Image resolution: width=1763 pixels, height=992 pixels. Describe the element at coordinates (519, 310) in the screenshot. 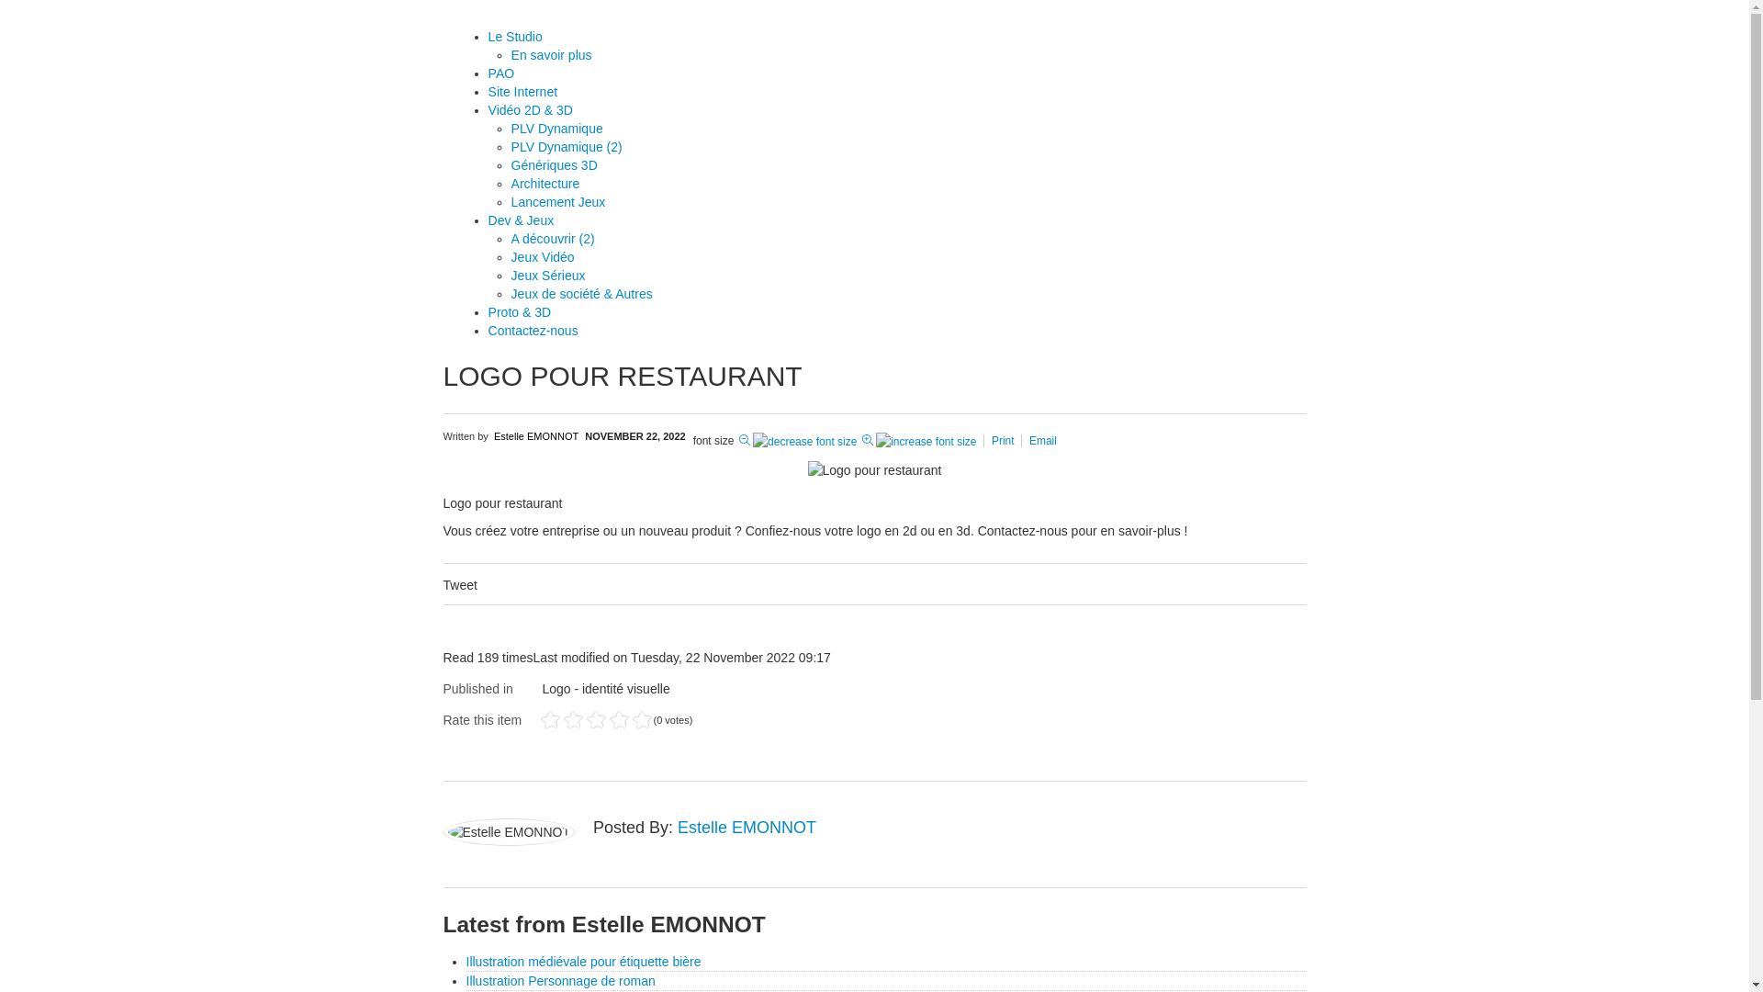

I see `'Proto & 3D'` at that location.